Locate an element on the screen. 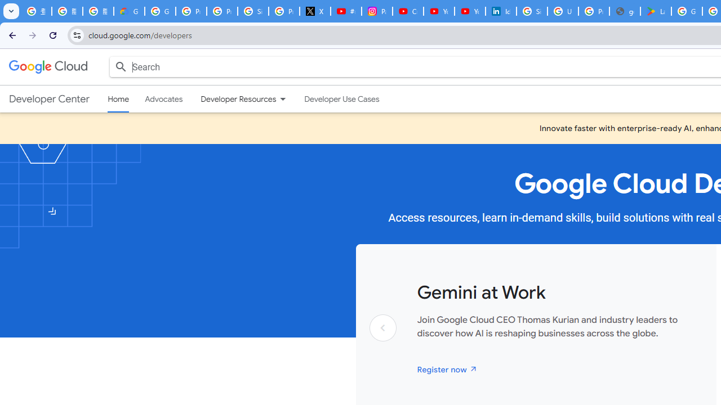 This screenshot has height=405, width=721. 'Privacy Help Center - Policies Help' is located at coordinates (222, 11).